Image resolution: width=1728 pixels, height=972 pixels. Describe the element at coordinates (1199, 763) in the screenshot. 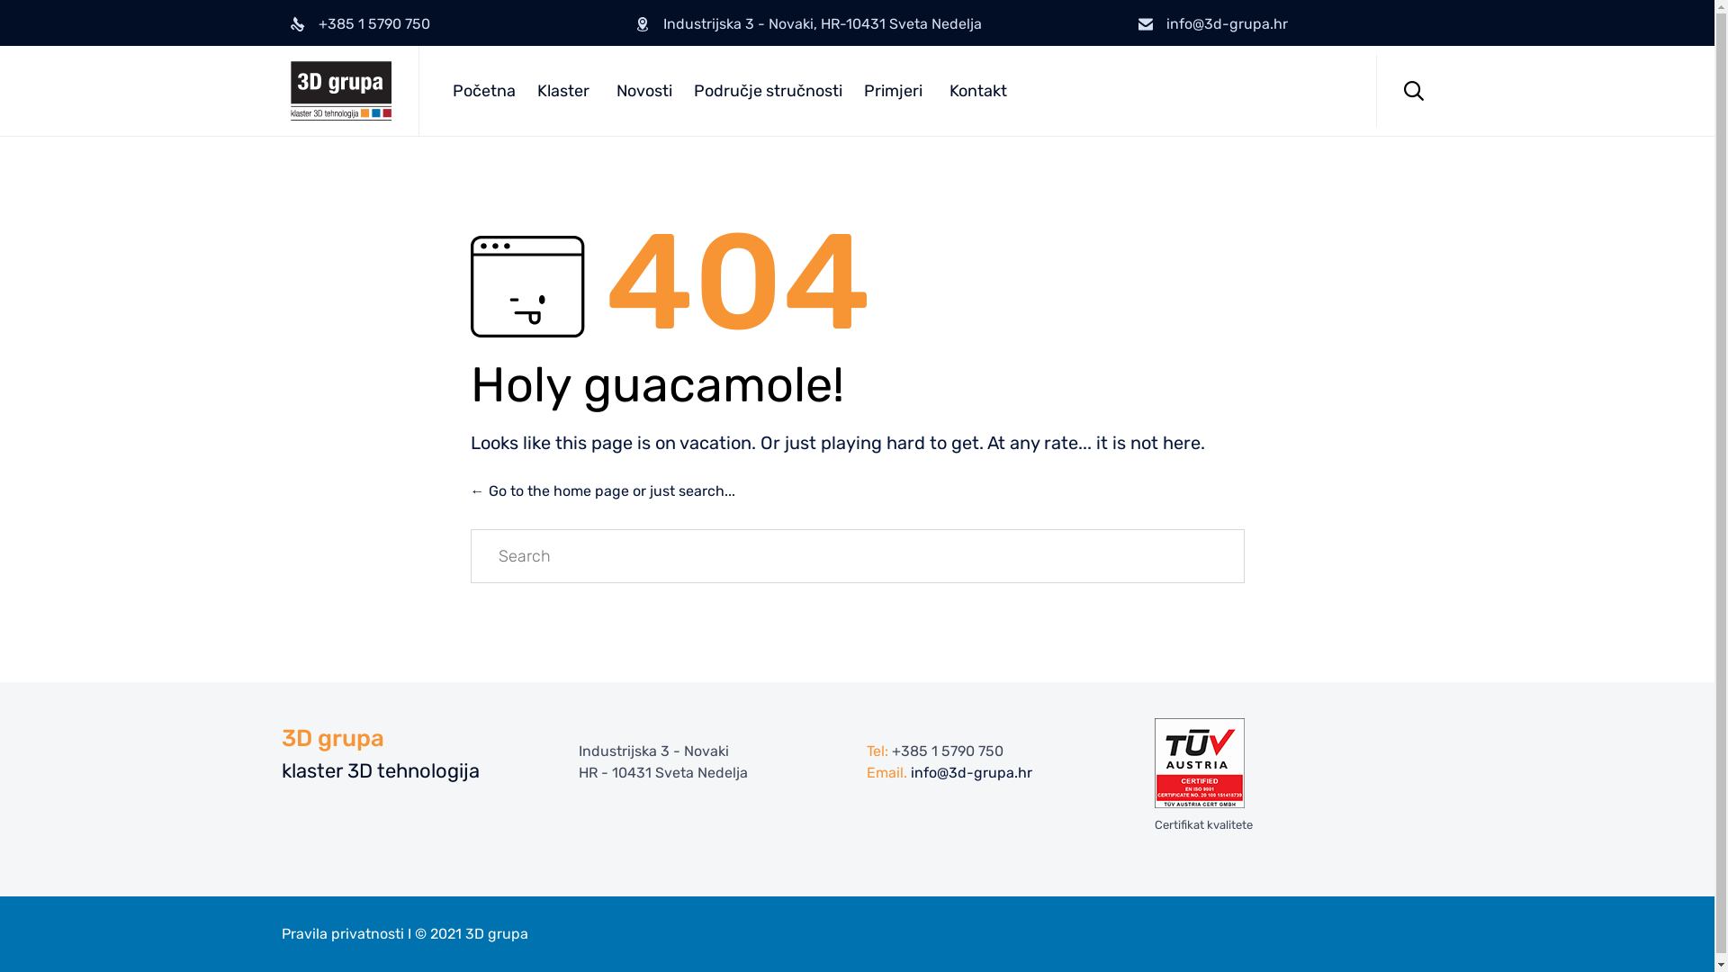

I see `'2015-TUV-certifikacijska-markica_100x100'` at that location.